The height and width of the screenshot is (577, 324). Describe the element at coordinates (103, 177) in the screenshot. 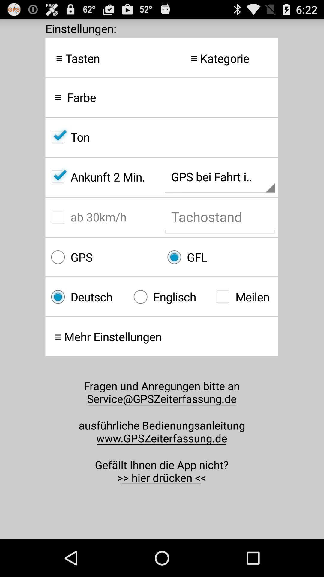

I see `ankunft 2 min. icon` at that location.